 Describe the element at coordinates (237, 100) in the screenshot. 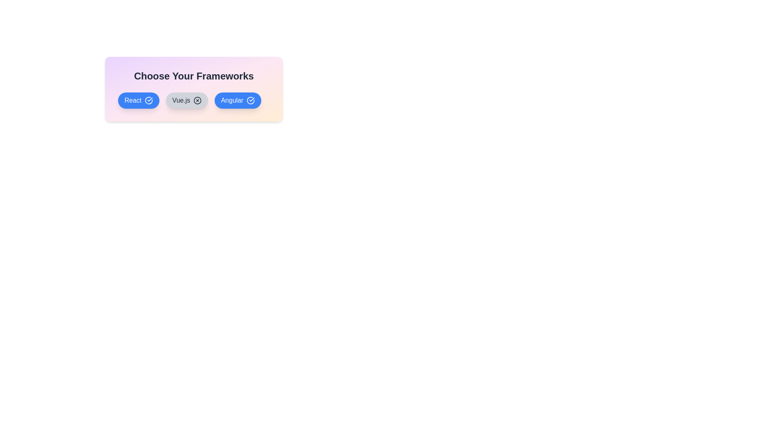

I see `the text label of the chip labeled Angular` at that location.